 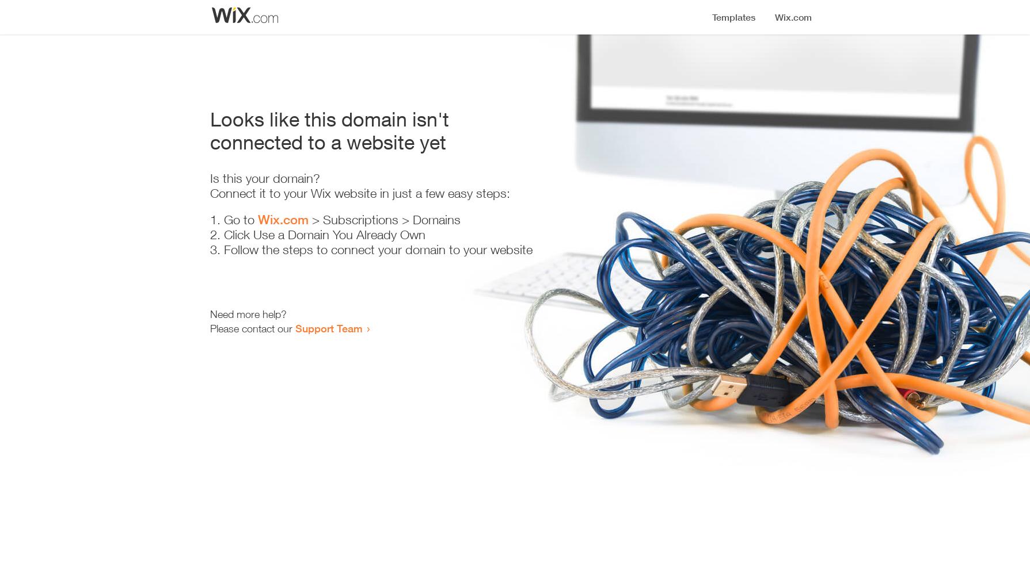 I want to click on 'Go to', so click(x=240, y=220).